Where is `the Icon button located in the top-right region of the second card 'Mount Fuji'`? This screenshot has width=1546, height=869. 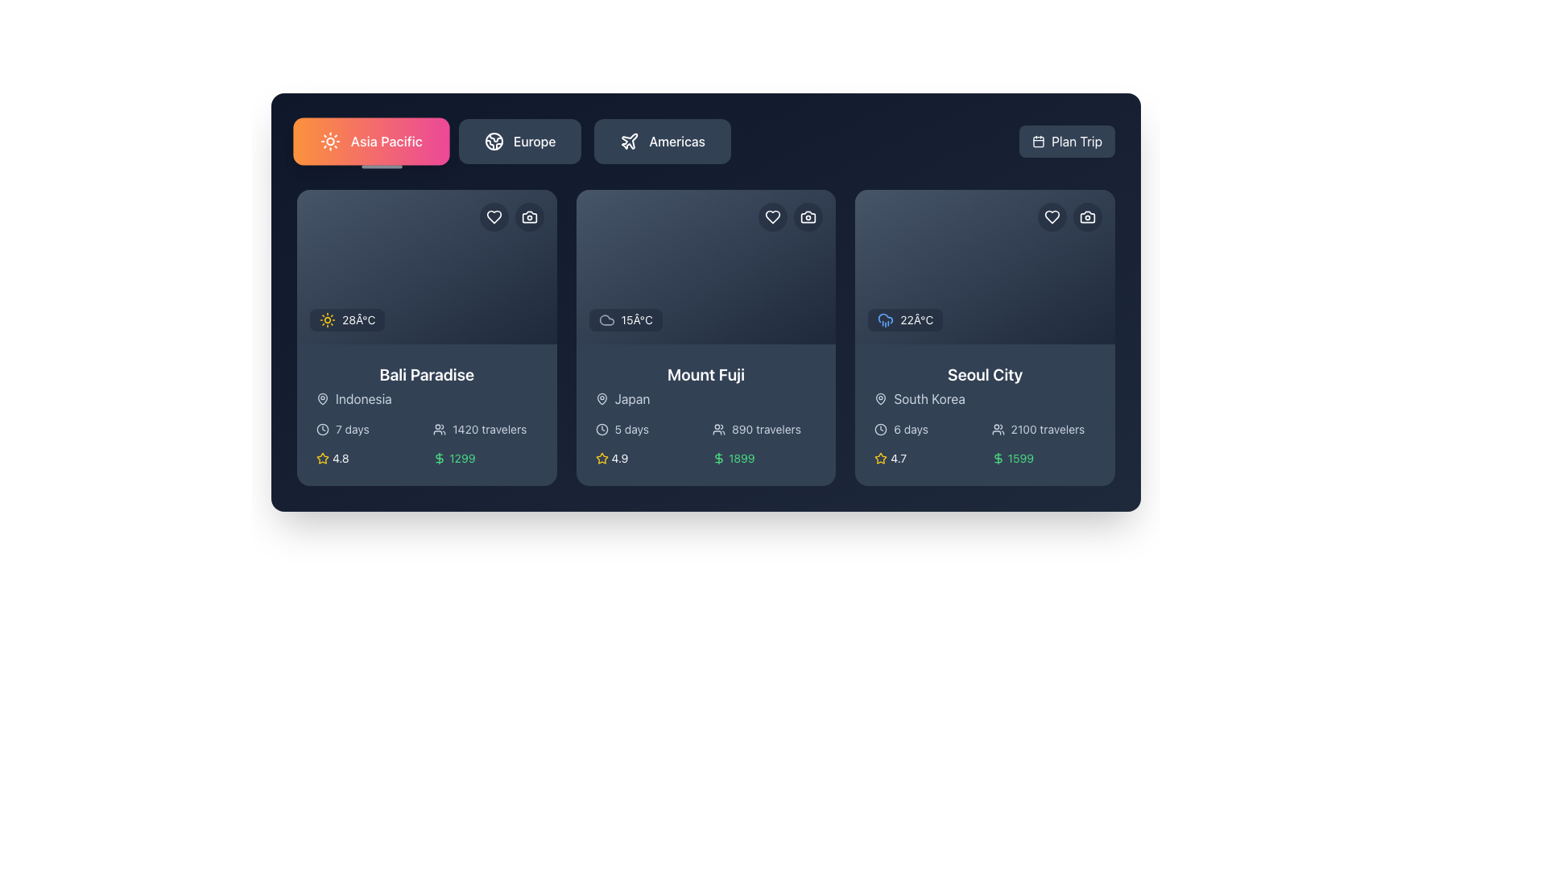
the Icon button located in the top-right region of the second card 'Mount Fuji' is located at coordinates (808, 217).